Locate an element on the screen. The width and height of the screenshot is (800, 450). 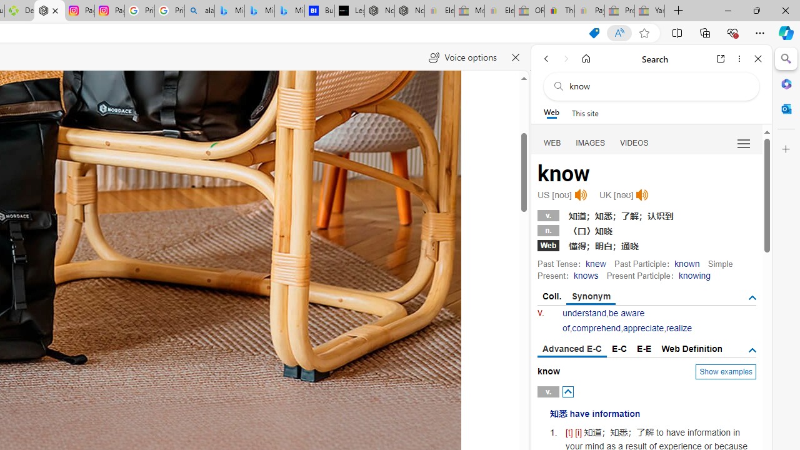
'Web Definition' is located at coordinates (691, 349).